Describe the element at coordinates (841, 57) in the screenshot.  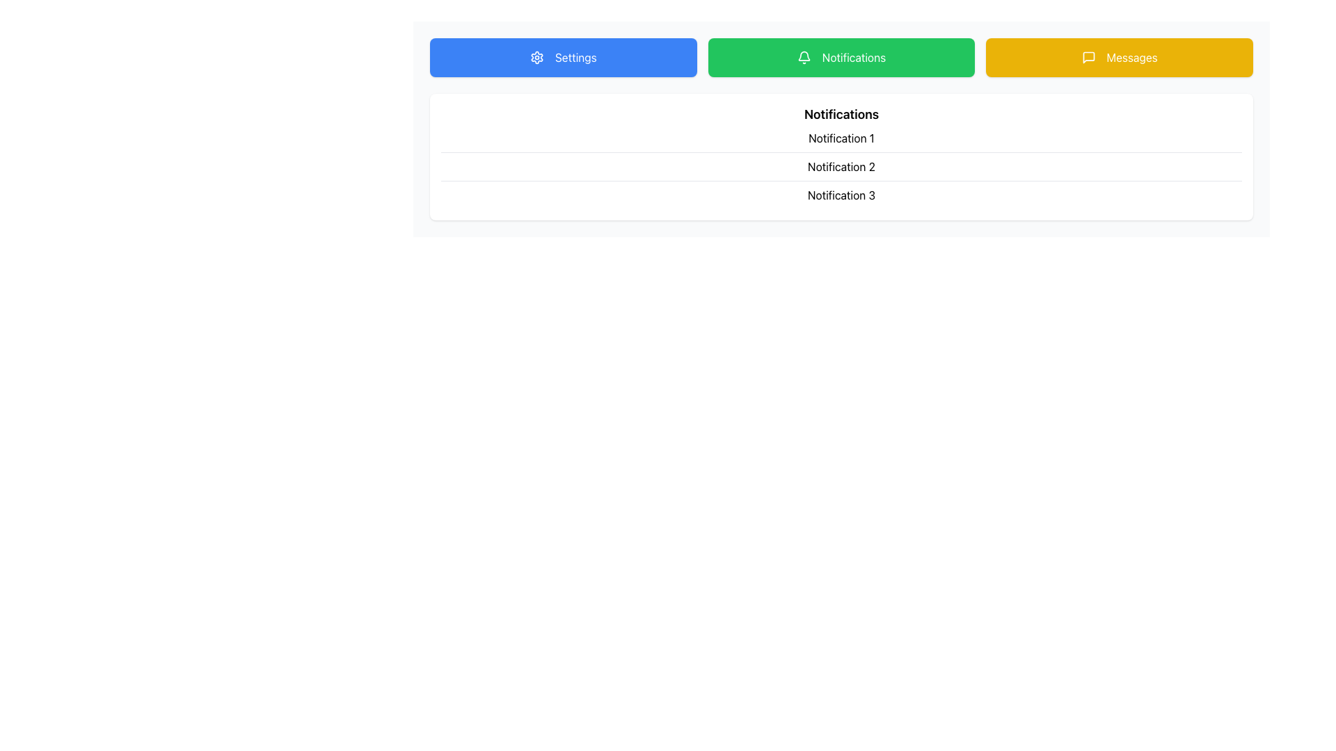
I see `the grouped buttons labeled 'Settings', 'Notifications', and 'Messages' horizontally` at that location.